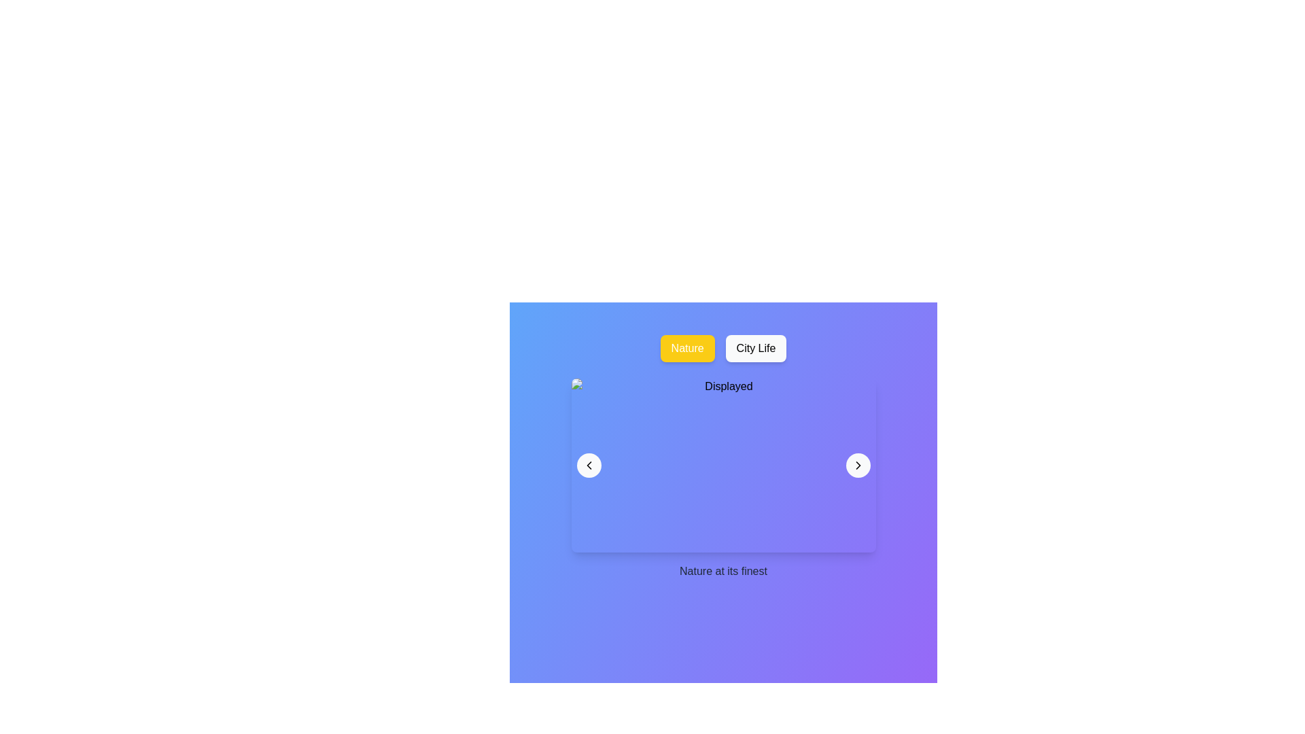 Image resolution: width=1305 pixels, height=734 pixels. What do you see at coordinates (589, 465) in the screenshot?
I see `the 'previous' button located on the left center side of the interactive section` at bounding box center [589, 465].